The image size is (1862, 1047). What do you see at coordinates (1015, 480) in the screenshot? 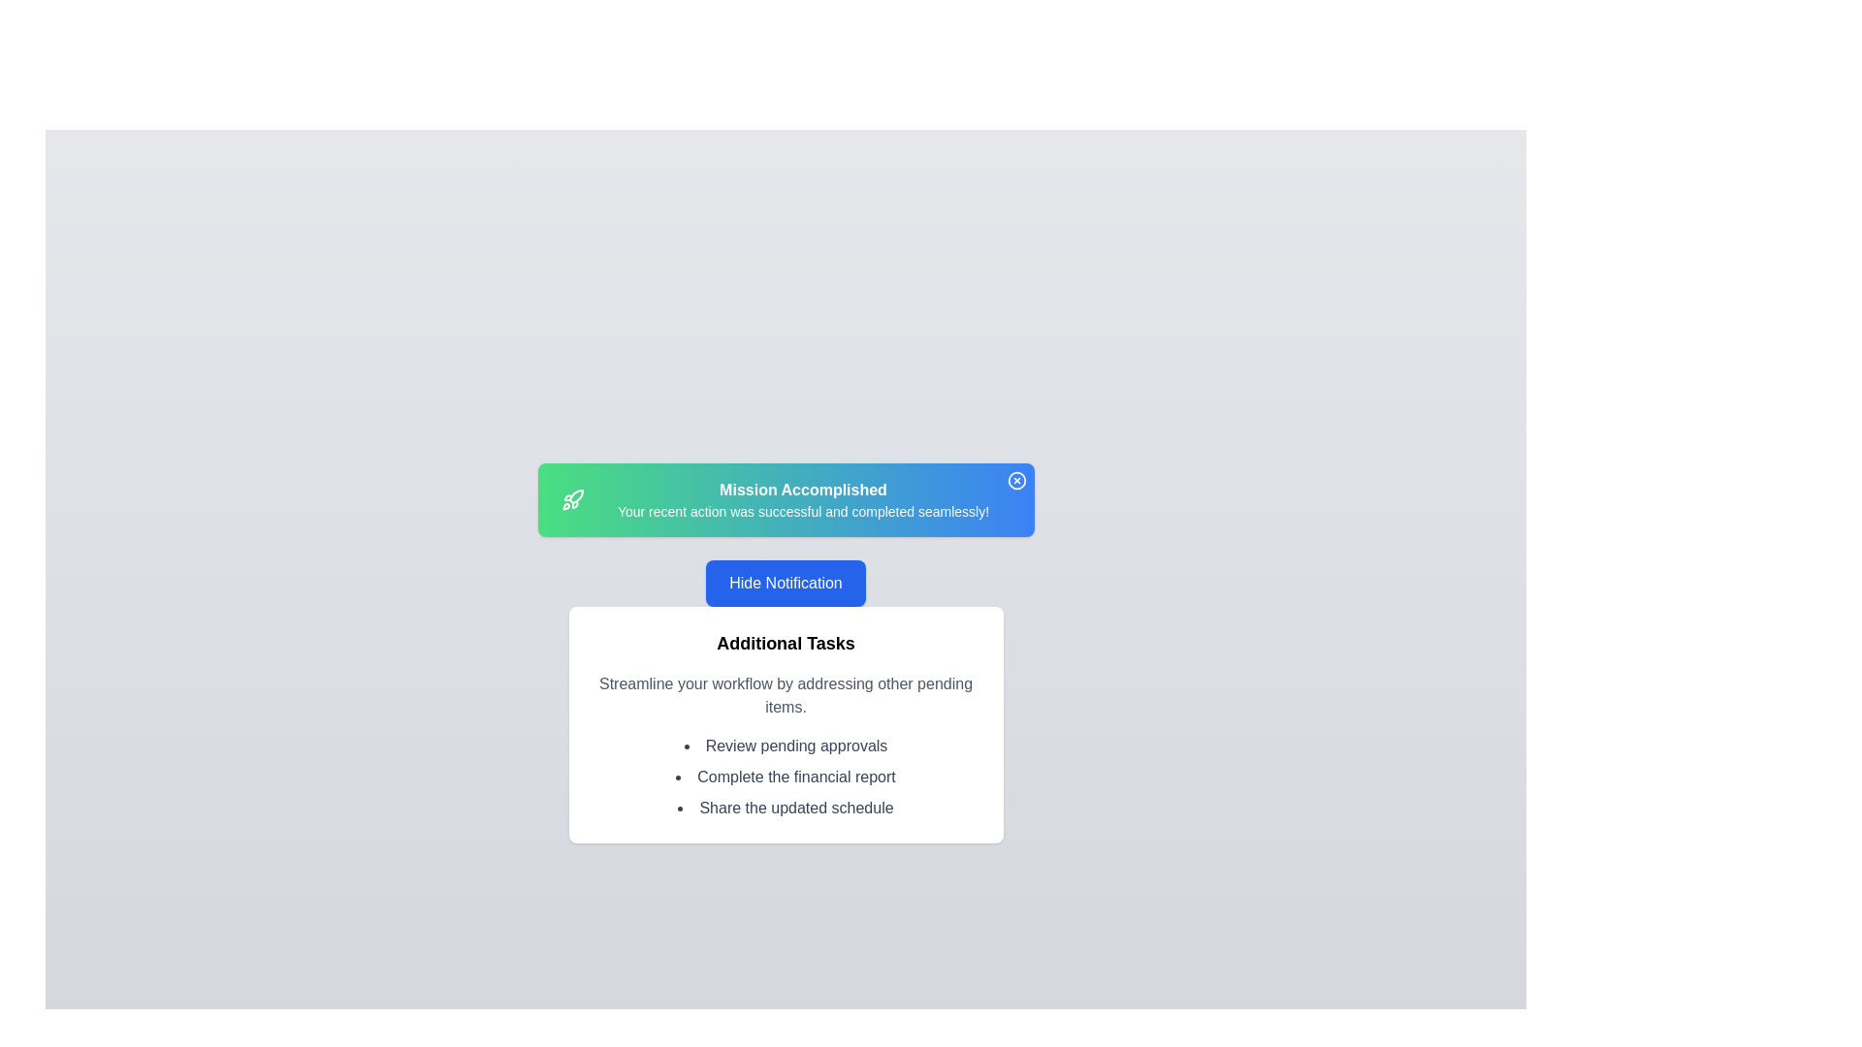
I see `the close button of the notification bar to hide it` at bounding box center [1015, 480].